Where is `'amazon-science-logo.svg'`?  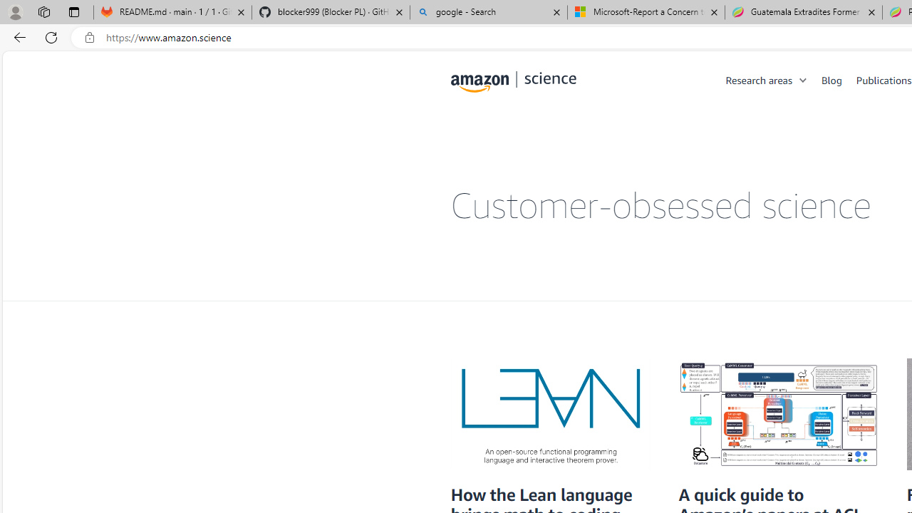
'amazon-science-logo.svg' is located at coordinates (513, 82).